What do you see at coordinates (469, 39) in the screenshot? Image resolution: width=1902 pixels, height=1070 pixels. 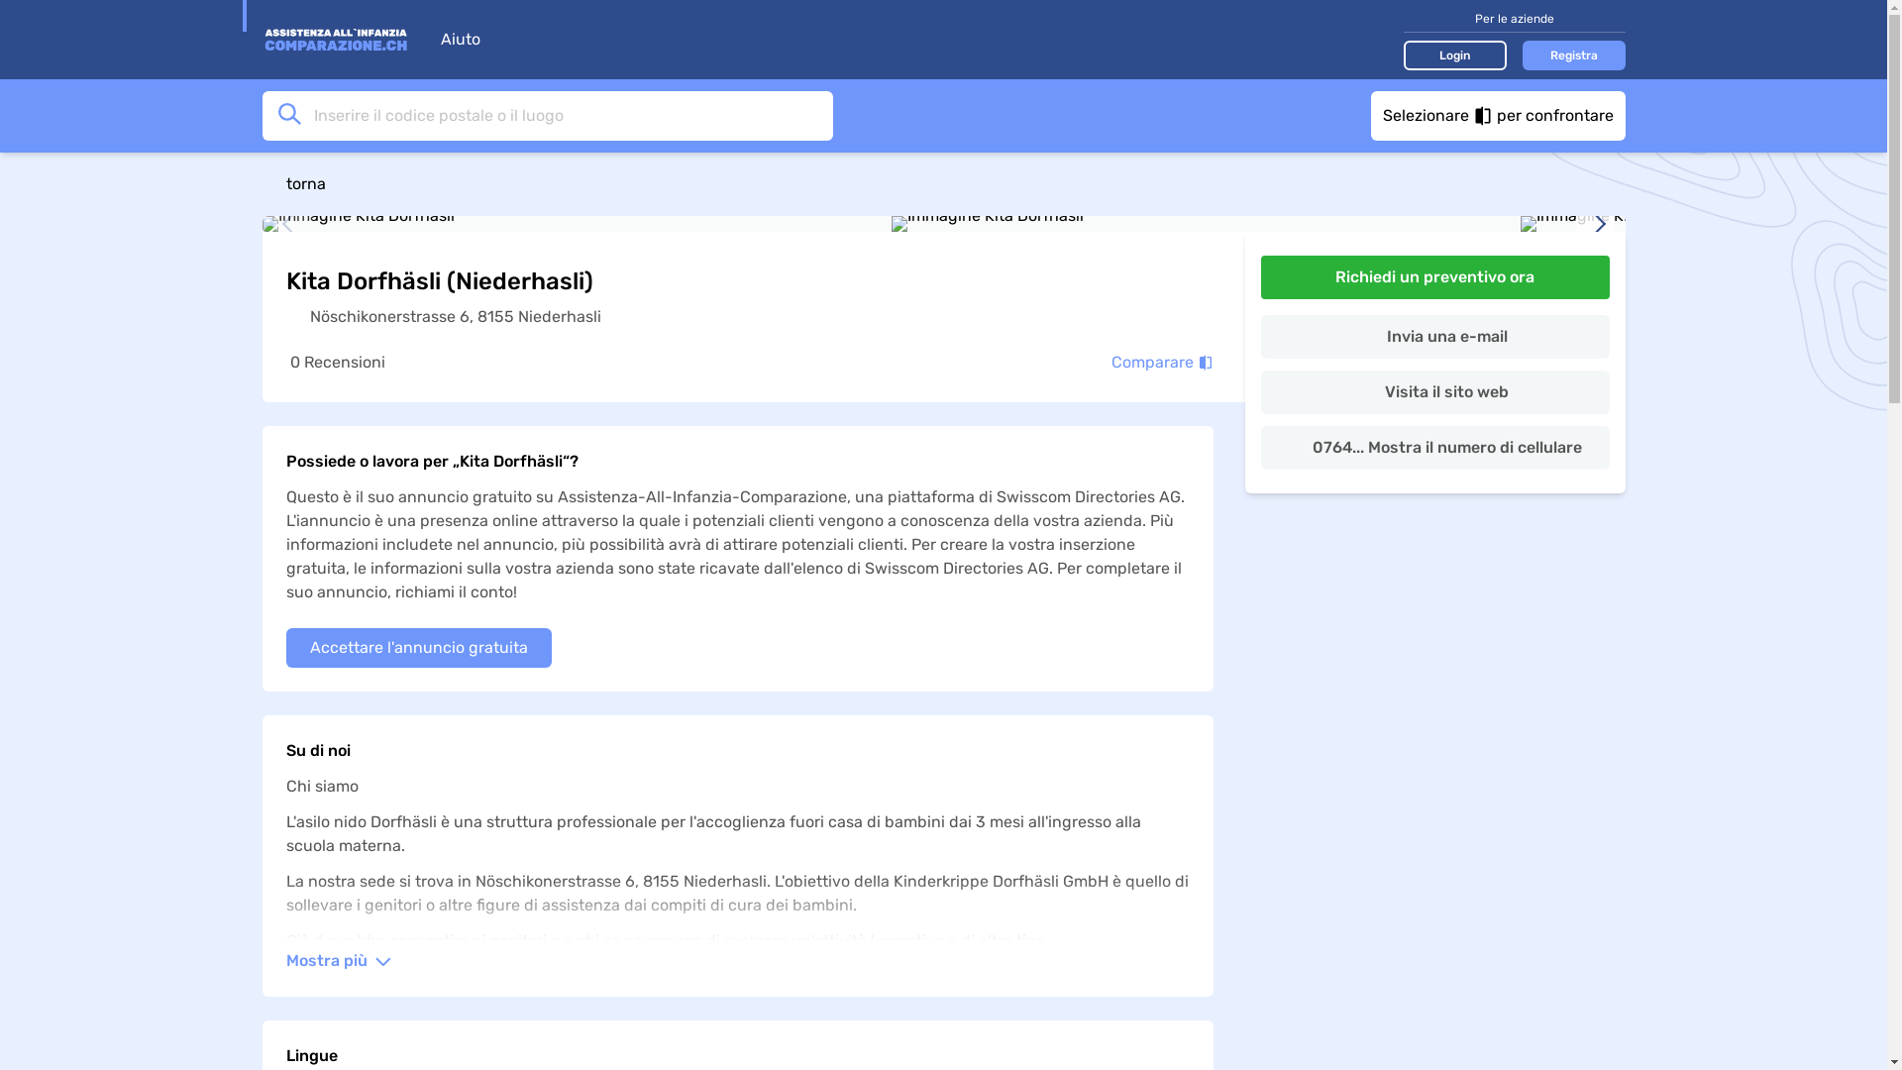 I see `'Aiuto'` at bounding box center [469, 39].